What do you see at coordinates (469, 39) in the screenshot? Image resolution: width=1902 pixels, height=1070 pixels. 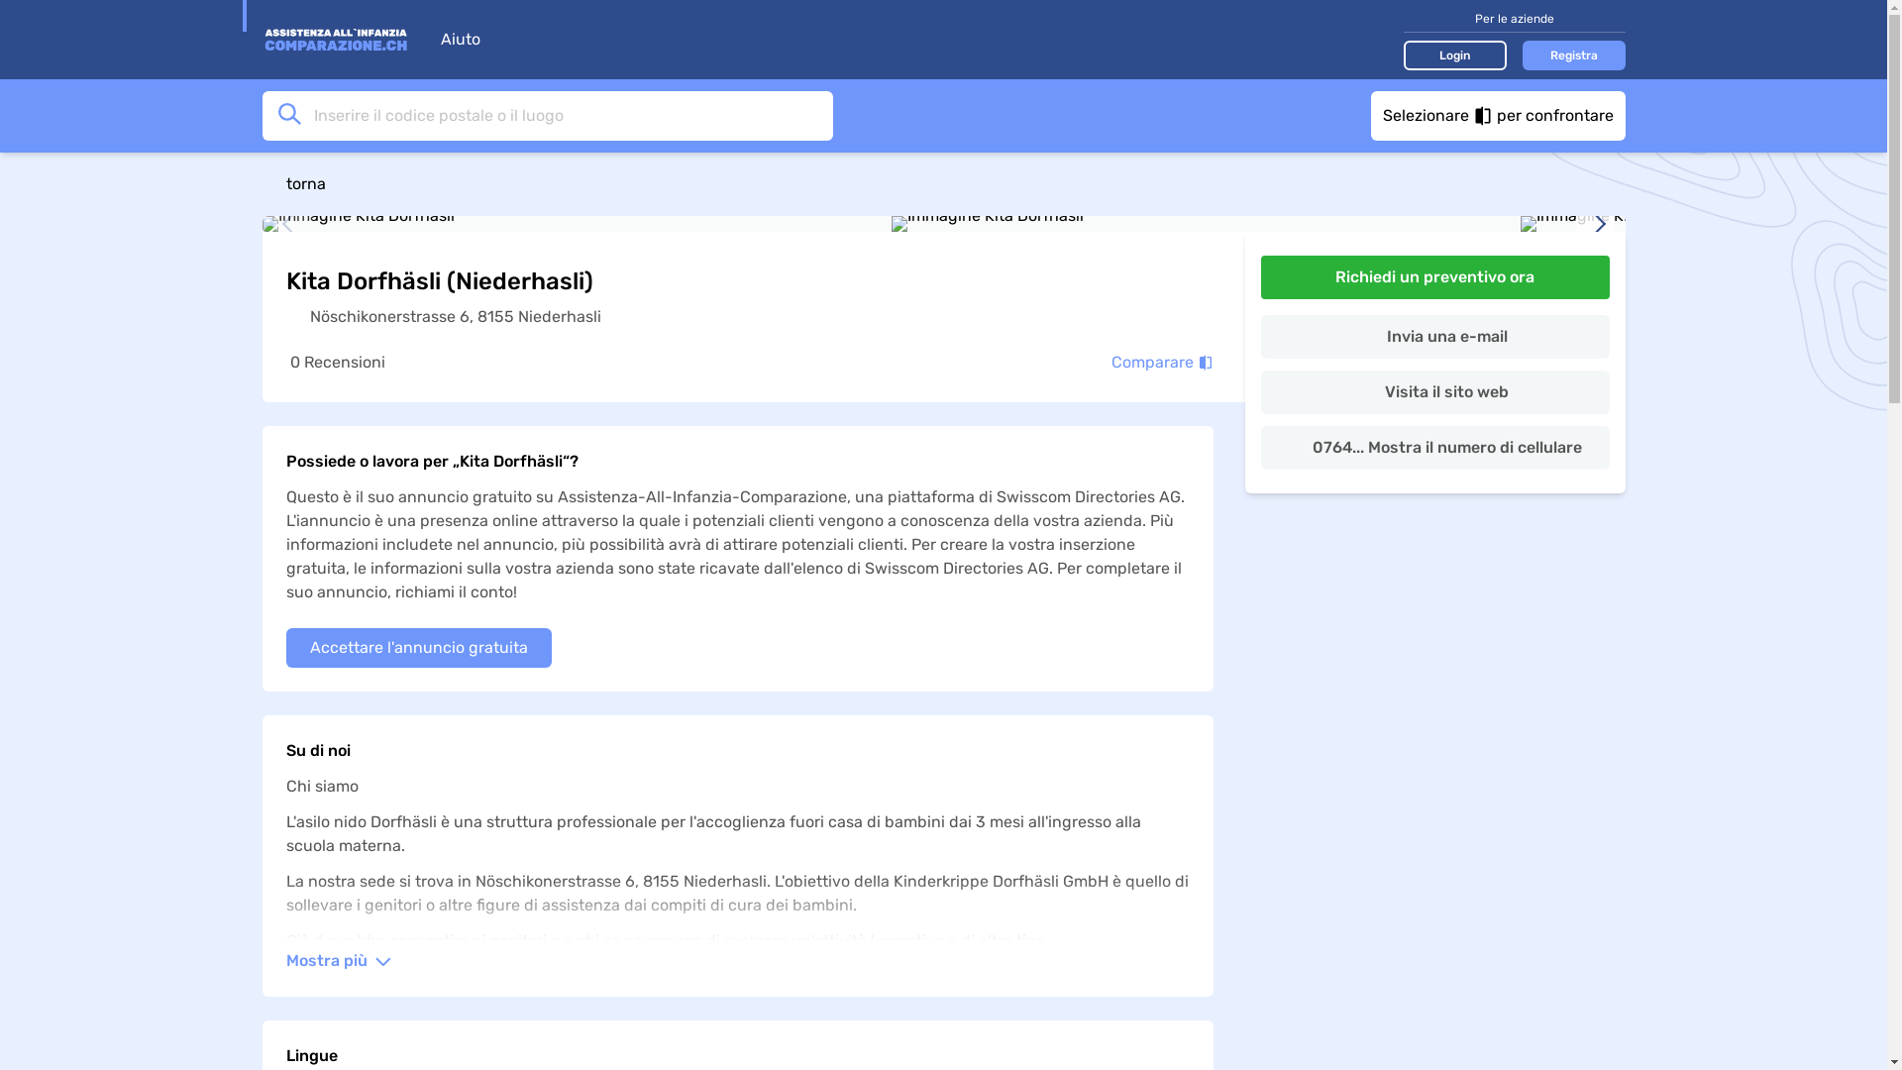 I see `'Aiuto'` at bounding box center [469, 39].